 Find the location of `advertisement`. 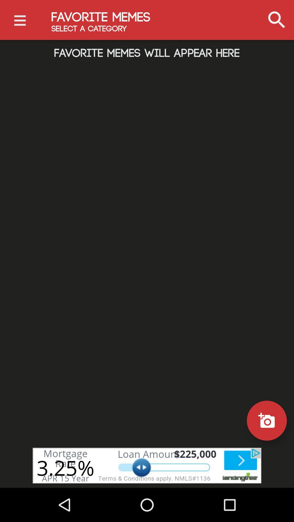

advertisement is located at coordinates (147, 465).